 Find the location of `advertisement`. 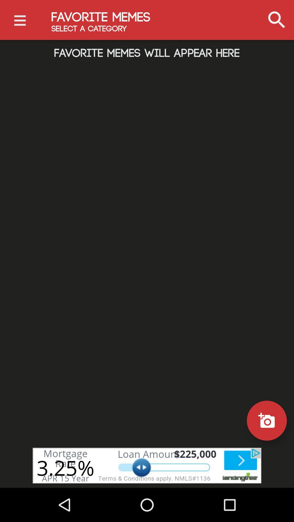

advertisement is located at coordinates (147, 465).